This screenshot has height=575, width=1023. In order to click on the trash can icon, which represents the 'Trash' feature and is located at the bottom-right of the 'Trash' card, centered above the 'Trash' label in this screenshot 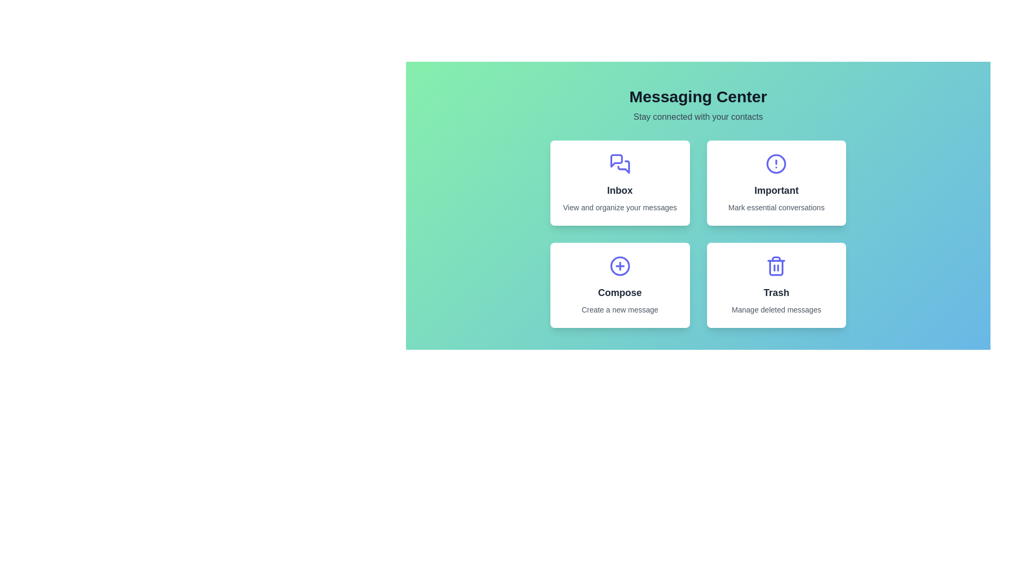, I will do `click(776, 266)`.